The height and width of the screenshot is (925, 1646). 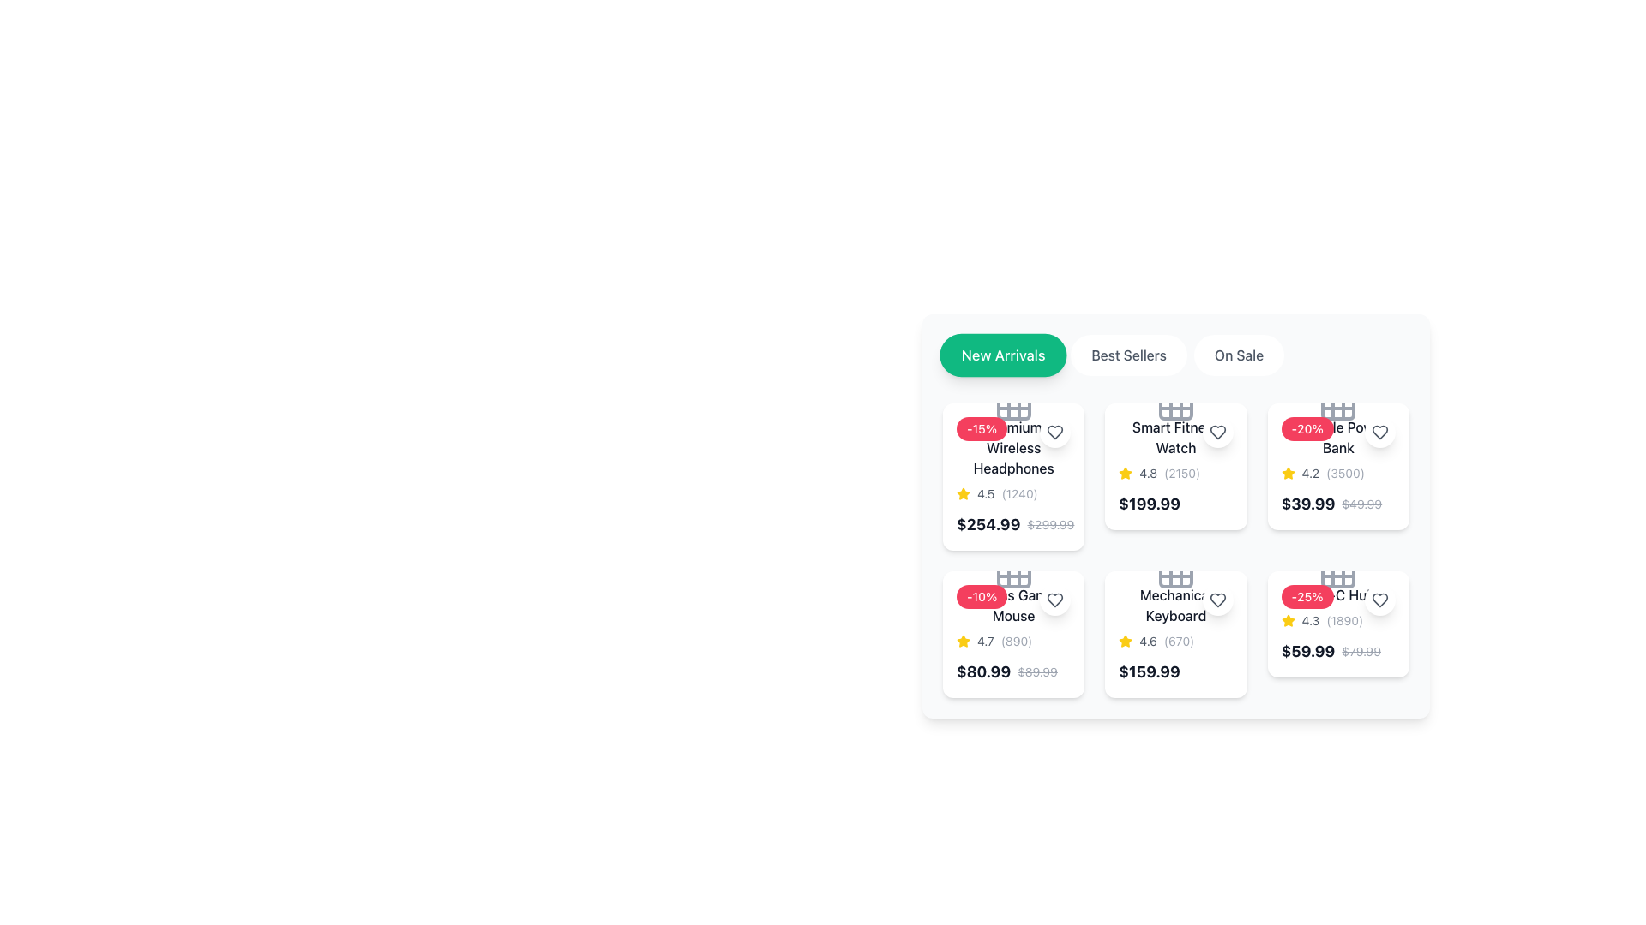 What do you see at coordinates (1175, 571) in the screenshot?
I see `the decorative icon located centrally within the 'Mechanical Keyboard' product card` at bounding box center [1175, 571].